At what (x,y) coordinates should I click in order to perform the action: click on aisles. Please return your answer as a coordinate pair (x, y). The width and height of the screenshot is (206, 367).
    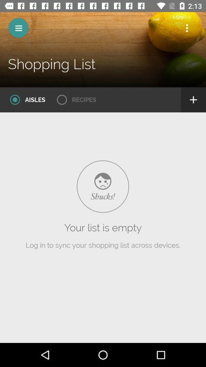
    Looking at the image, I should click on (25, 99).